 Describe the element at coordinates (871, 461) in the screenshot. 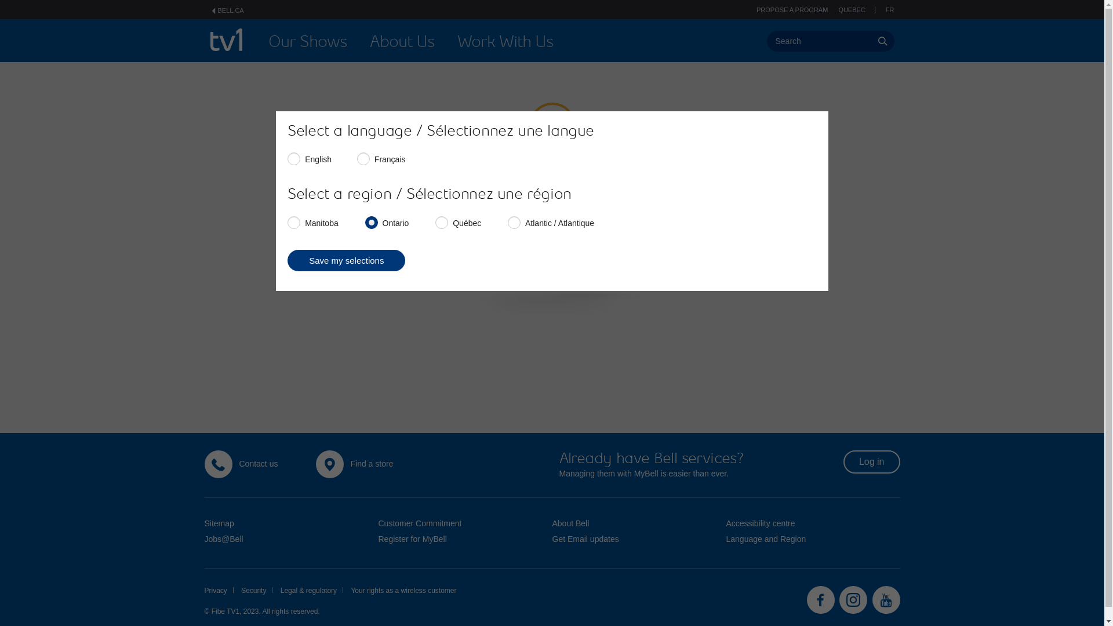

I see `'Log in'` at that location.